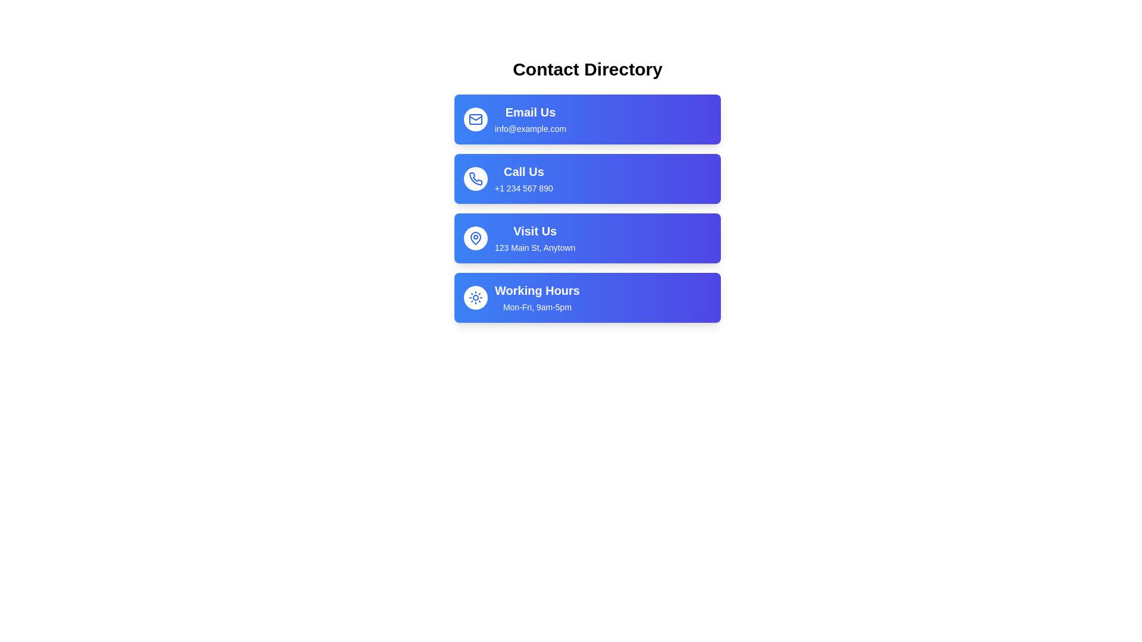 This screenshot has width=1142, height=642. What do you see at coordinates (476, 238) in the screenshot?
I see `the location marker icon in the 'Visit Us' section of the contact directory list for potential interactivity` at bounding box center [476, 238].